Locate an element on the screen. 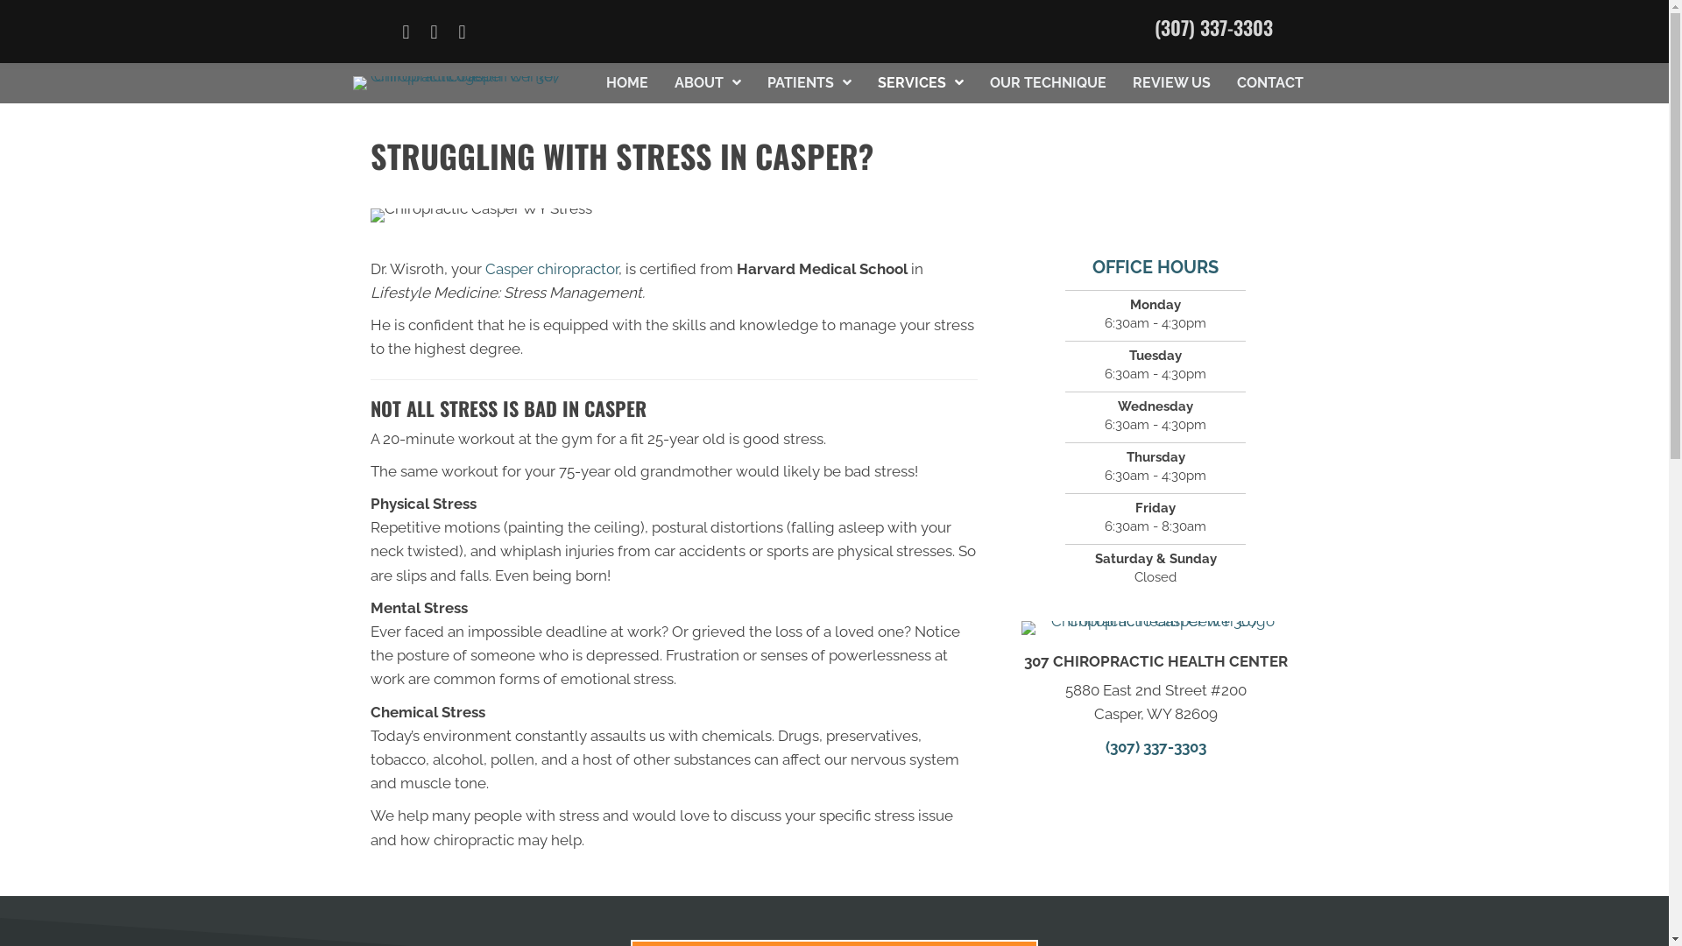  '(307) 337-3303' is located at coordinates (1155, 26).